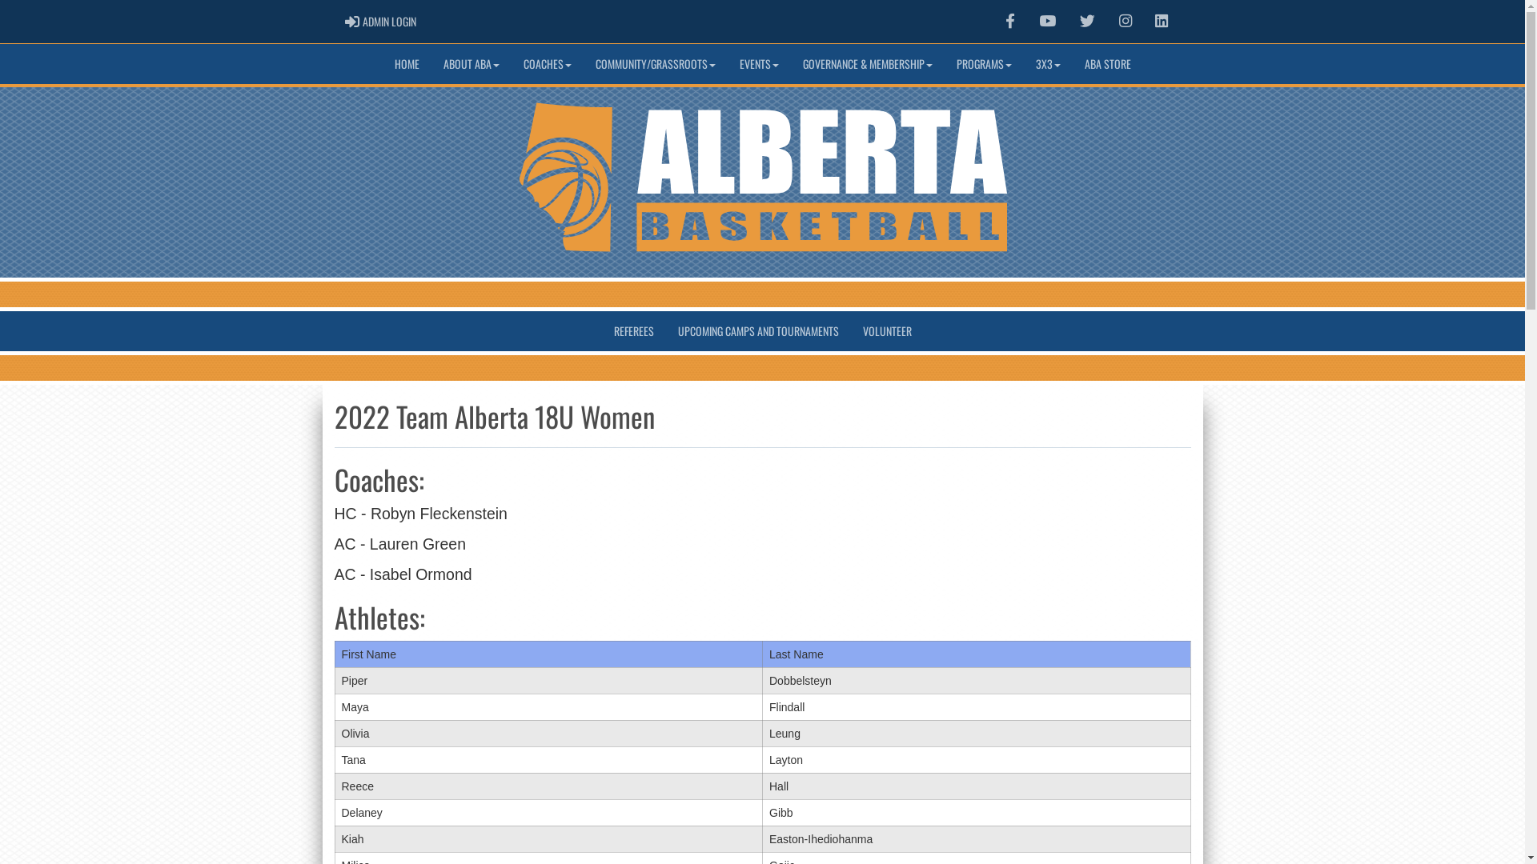 Image resolution: width=1537 pixels, height=864 pixels. Describe the element at coordinates (1161, 22) in the screenshot. I see `'LinkedIn'` at that location.